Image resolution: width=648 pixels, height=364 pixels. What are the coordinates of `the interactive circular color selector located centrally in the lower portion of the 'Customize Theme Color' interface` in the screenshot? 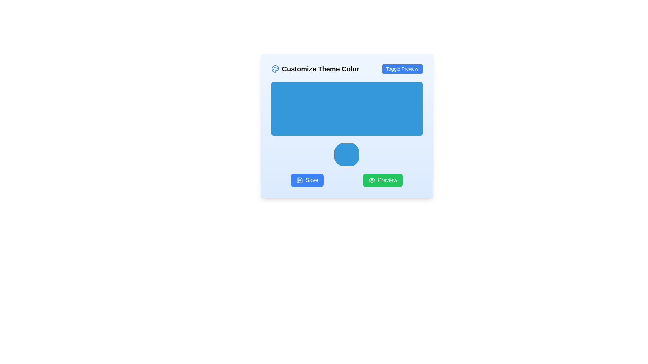 It's located at (347, 155).